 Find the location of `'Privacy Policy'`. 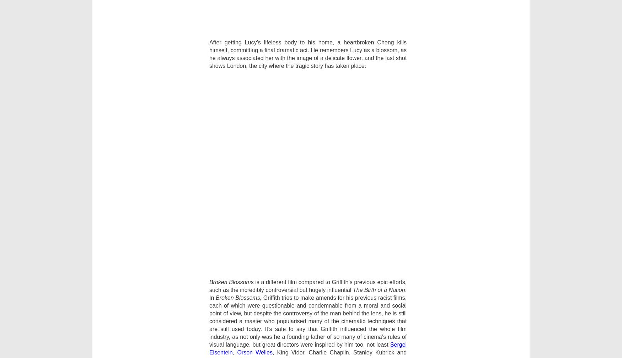

'Privacy Policy' is located at coordinates (125, 249).